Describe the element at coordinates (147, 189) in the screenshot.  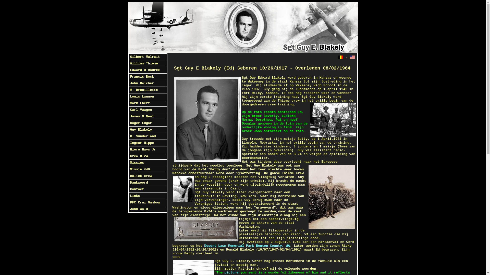
I see `'Contact'` at that location.